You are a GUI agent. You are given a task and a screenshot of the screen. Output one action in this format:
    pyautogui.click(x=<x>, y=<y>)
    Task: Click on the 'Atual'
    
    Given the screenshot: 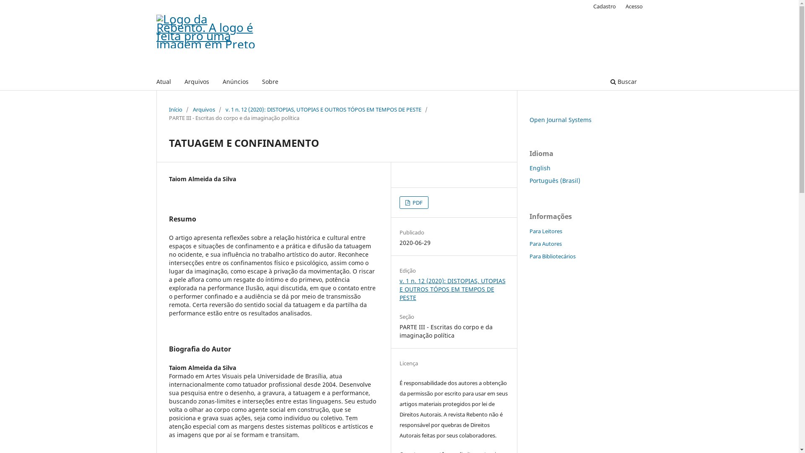 What is the action you would take?
    pyautogui.click(x=164, y=83)
    